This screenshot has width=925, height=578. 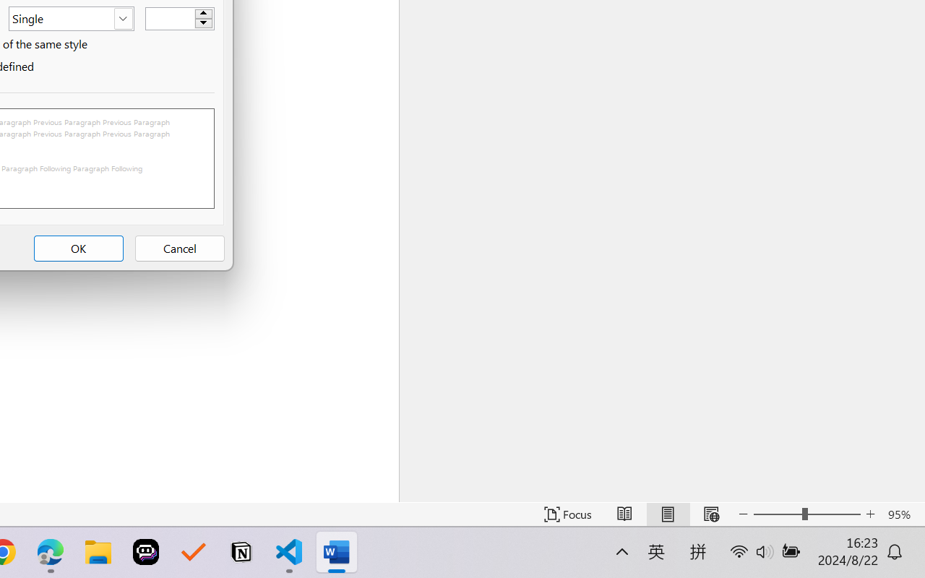 What do you see at coordinates (171, 19) in the screenshot?
I see `'RichEdit Control'` at bounding box center [171, 19].